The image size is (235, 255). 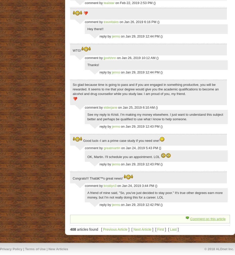 I want to click on 'traveltales', so click(x=111, y=22).